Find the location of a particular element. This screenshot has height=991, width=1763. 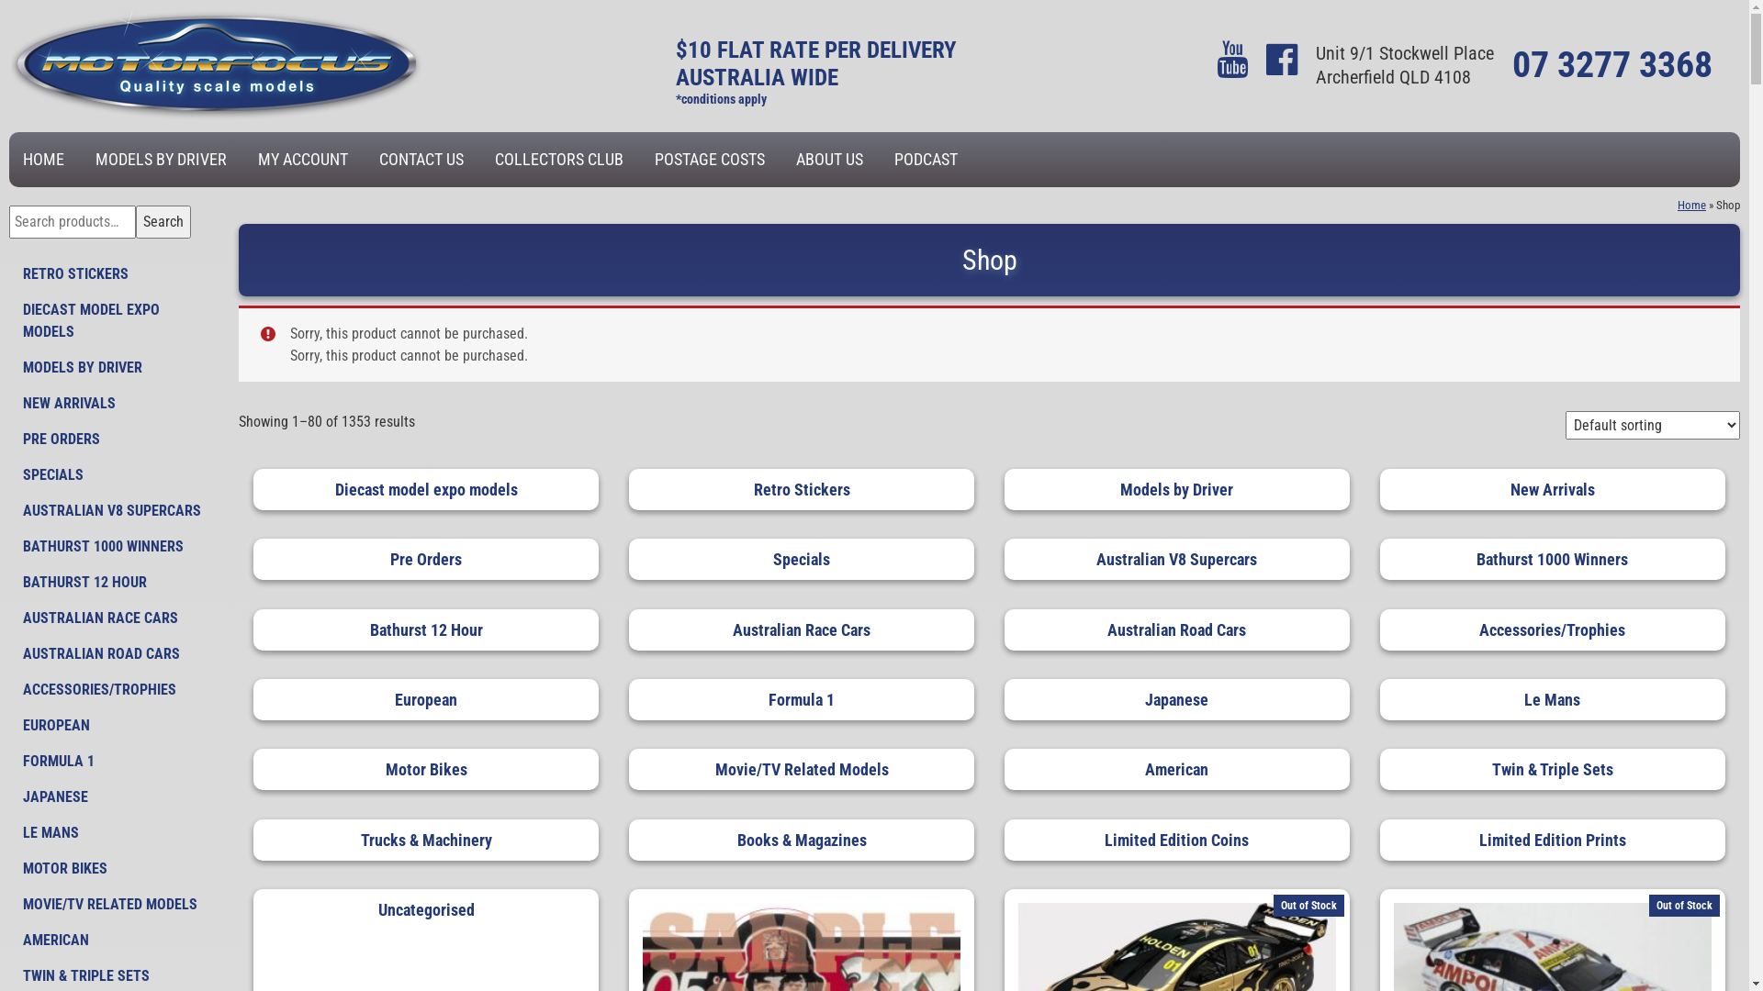

'Trucks & Machinery' is located at coordinates (425, 840).